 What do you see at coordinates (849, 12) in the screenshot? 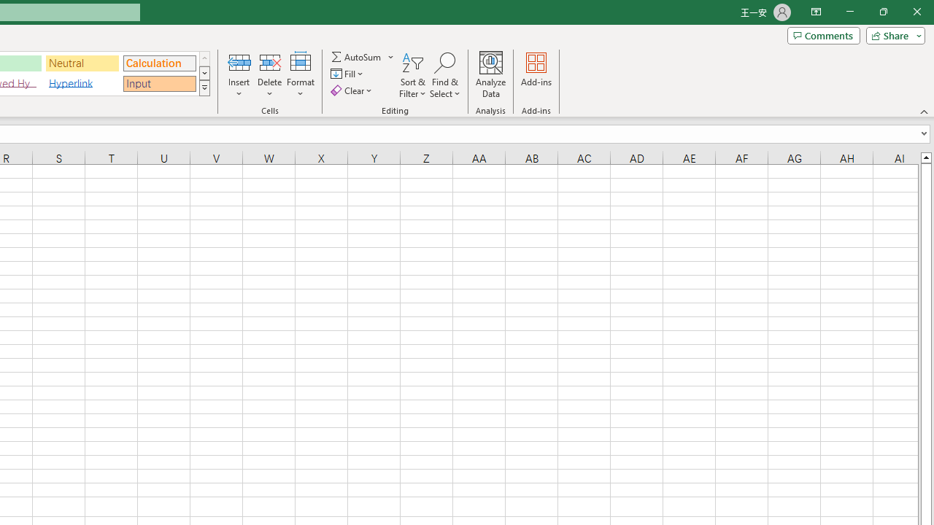
I see `'Minimize'` at bounding box center [849, 12].